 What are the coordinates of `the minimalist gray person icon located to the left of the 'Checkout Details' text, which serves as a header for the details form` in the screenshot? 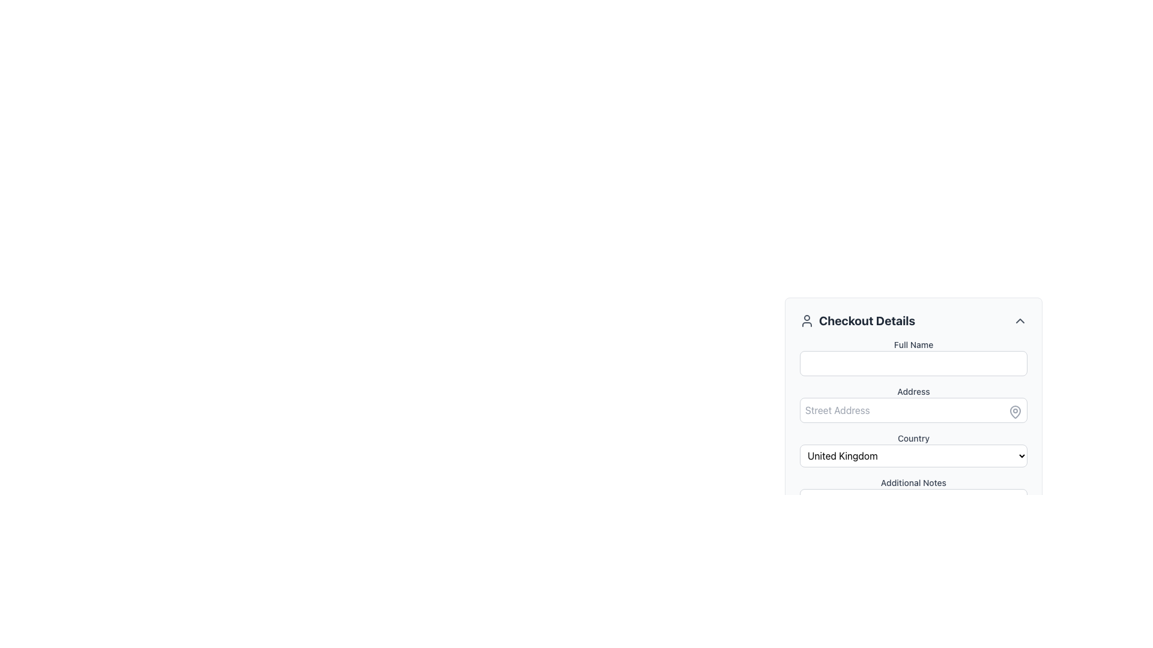 It's located at (807, 320).